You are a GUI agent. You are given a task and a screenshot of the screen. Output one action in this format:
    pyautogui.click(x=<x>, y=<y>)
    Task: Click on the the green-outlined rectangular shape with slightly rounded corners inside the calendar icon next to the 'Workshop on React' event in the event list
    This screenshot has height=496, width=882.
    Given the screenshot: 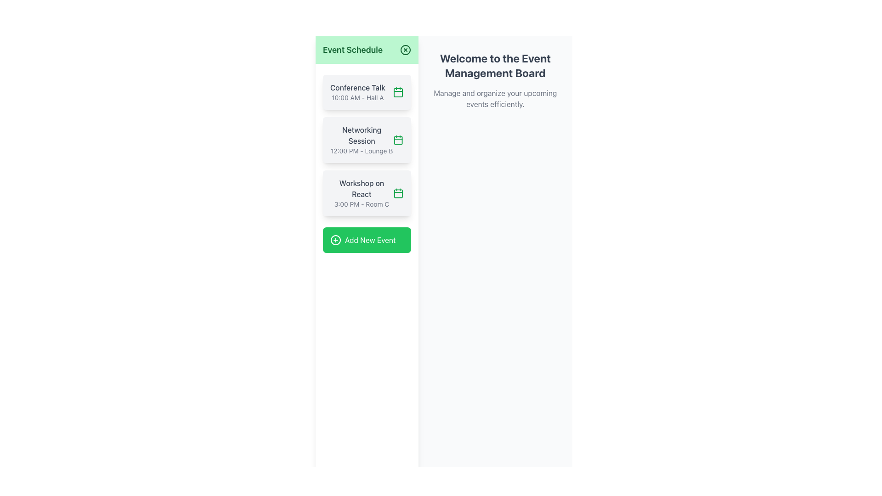 What is the action you would take?
    pyautogui.click(x=398, y=193)
    